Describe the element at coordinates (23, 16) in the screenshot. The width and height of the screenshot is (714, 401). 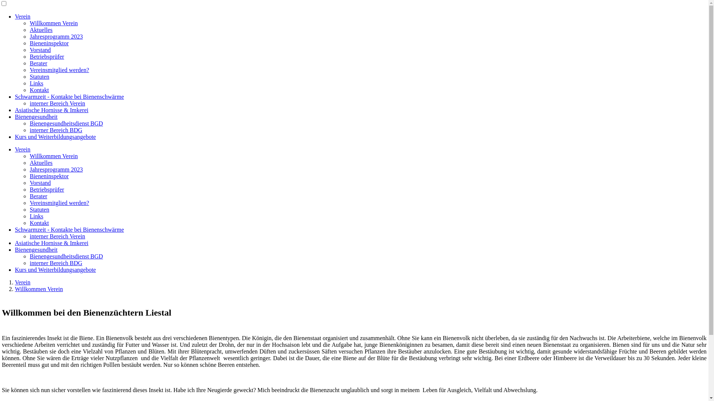
I see `'Verein'` at that location.